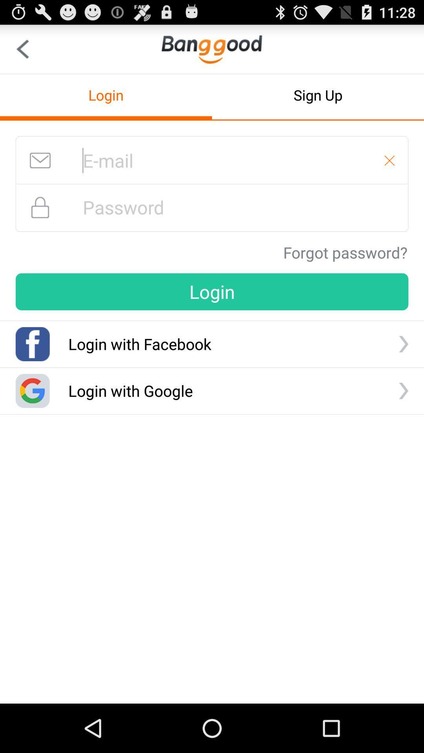 The height and width of the screenshot is (753, 424). Describe the element at coordinates (389, 160) in the screenshot. I see `clear` at that location.